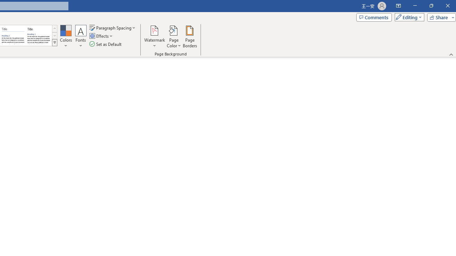 The width and height of the screenshot is (456, 256). I want to click on 'Set as Default', so click(106, 44).